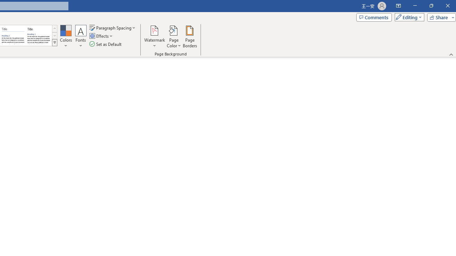 The width and height of the screenshot is (456, 256). I want to click on 'Set as Default', so click(106, 44).